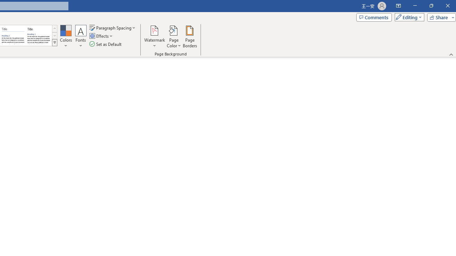 The width and height of the screenshot is (456, 256). I want to click on 'Set as Default', so click(106, 44).